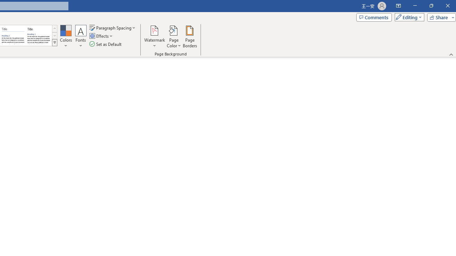 The width and height of the screenshot is (456, 256). I want to click on 'Set as Default', so click(106, 44).